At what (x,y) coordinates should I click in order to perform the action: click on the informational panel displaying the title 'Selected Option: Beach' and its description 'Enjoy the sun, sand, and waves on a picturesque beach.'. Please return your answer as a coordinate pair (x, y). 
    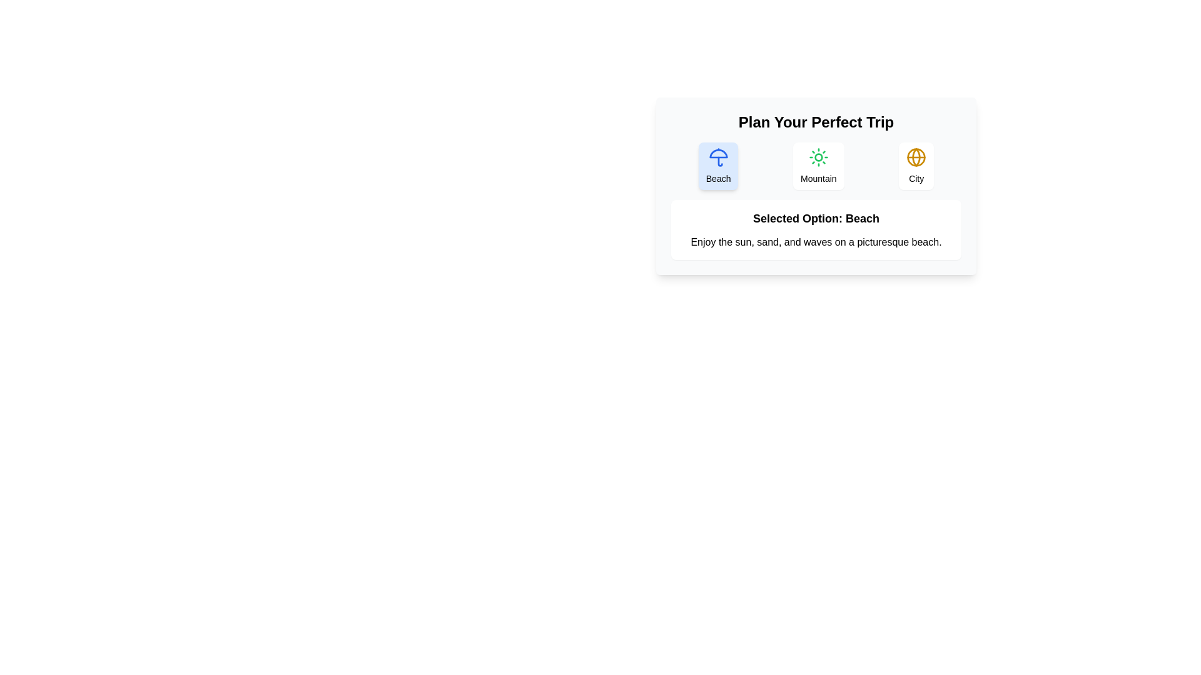
    Looking at the image, I should click on (816, 229).